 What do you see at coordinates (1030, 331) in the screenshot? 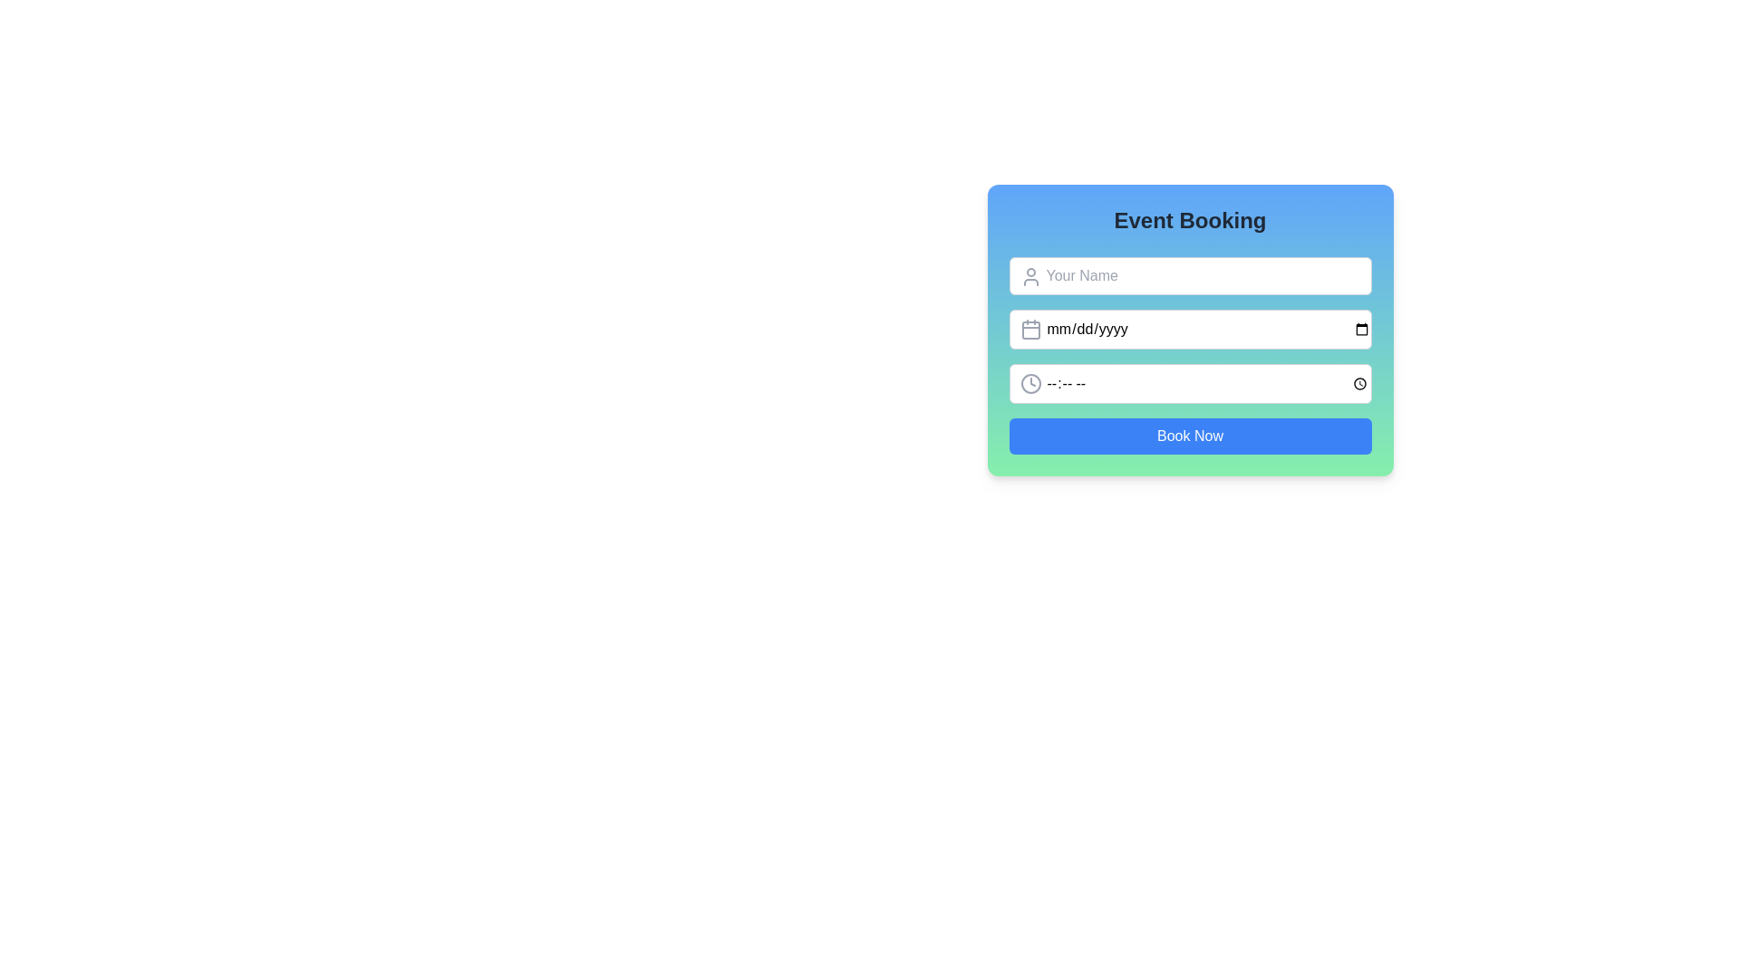
I see `the decorative graphical element inside the calendar icon, which indicates date selection in the Event Booking form` at bounding box center [1030, 331].